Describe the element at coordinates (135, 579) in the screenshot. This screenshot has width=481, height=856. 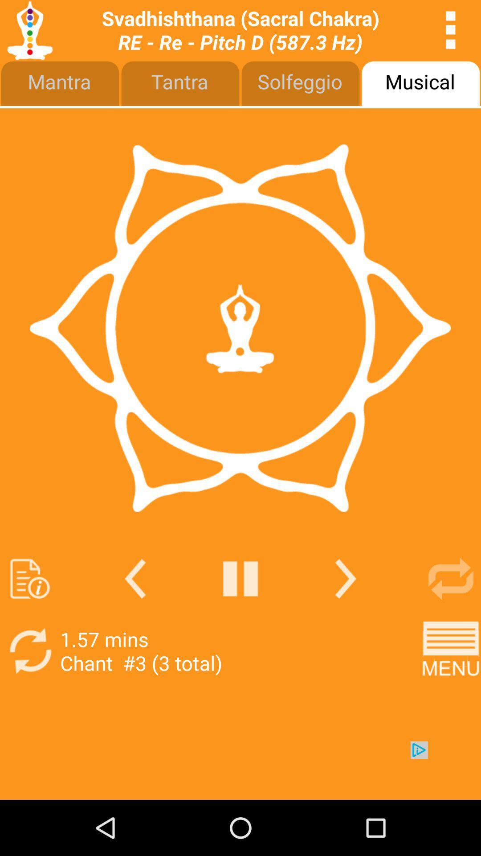
I see `back` at that location.